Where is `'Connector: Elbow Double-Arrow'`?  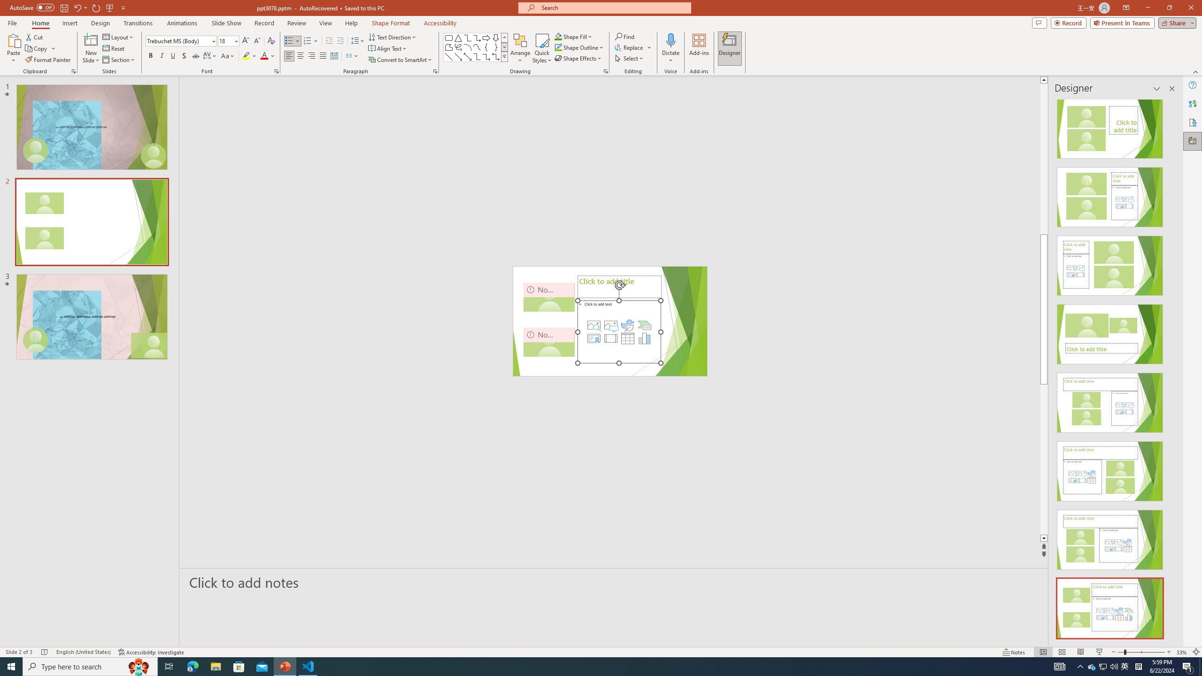
'Connector: Elbow Double-Arrow' is located at coordinates (495, 56).